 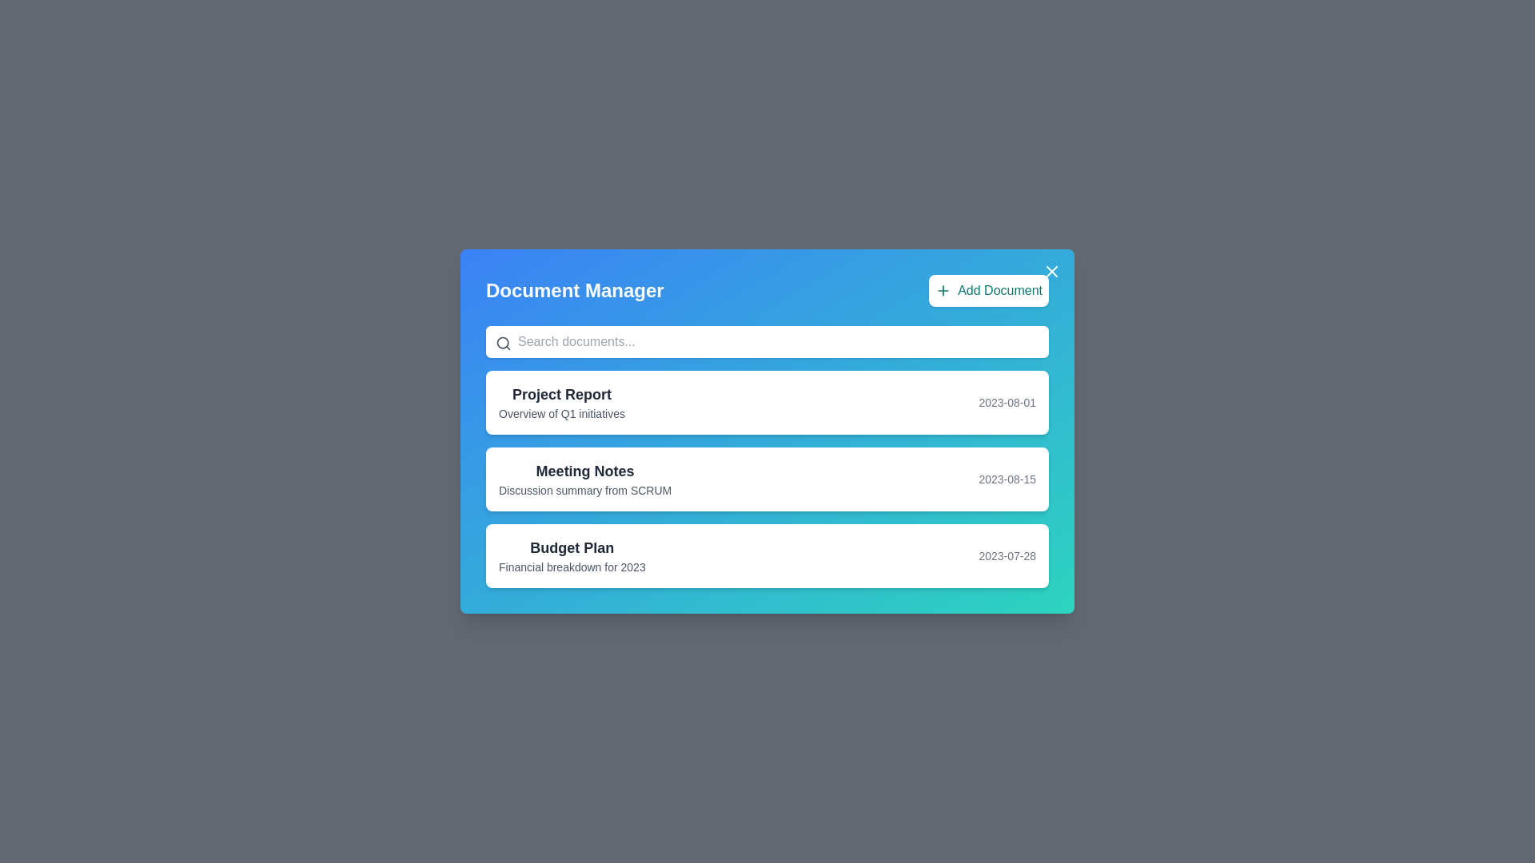 I want to click on the search bar to activate it for input, so click(x=767, y=341).